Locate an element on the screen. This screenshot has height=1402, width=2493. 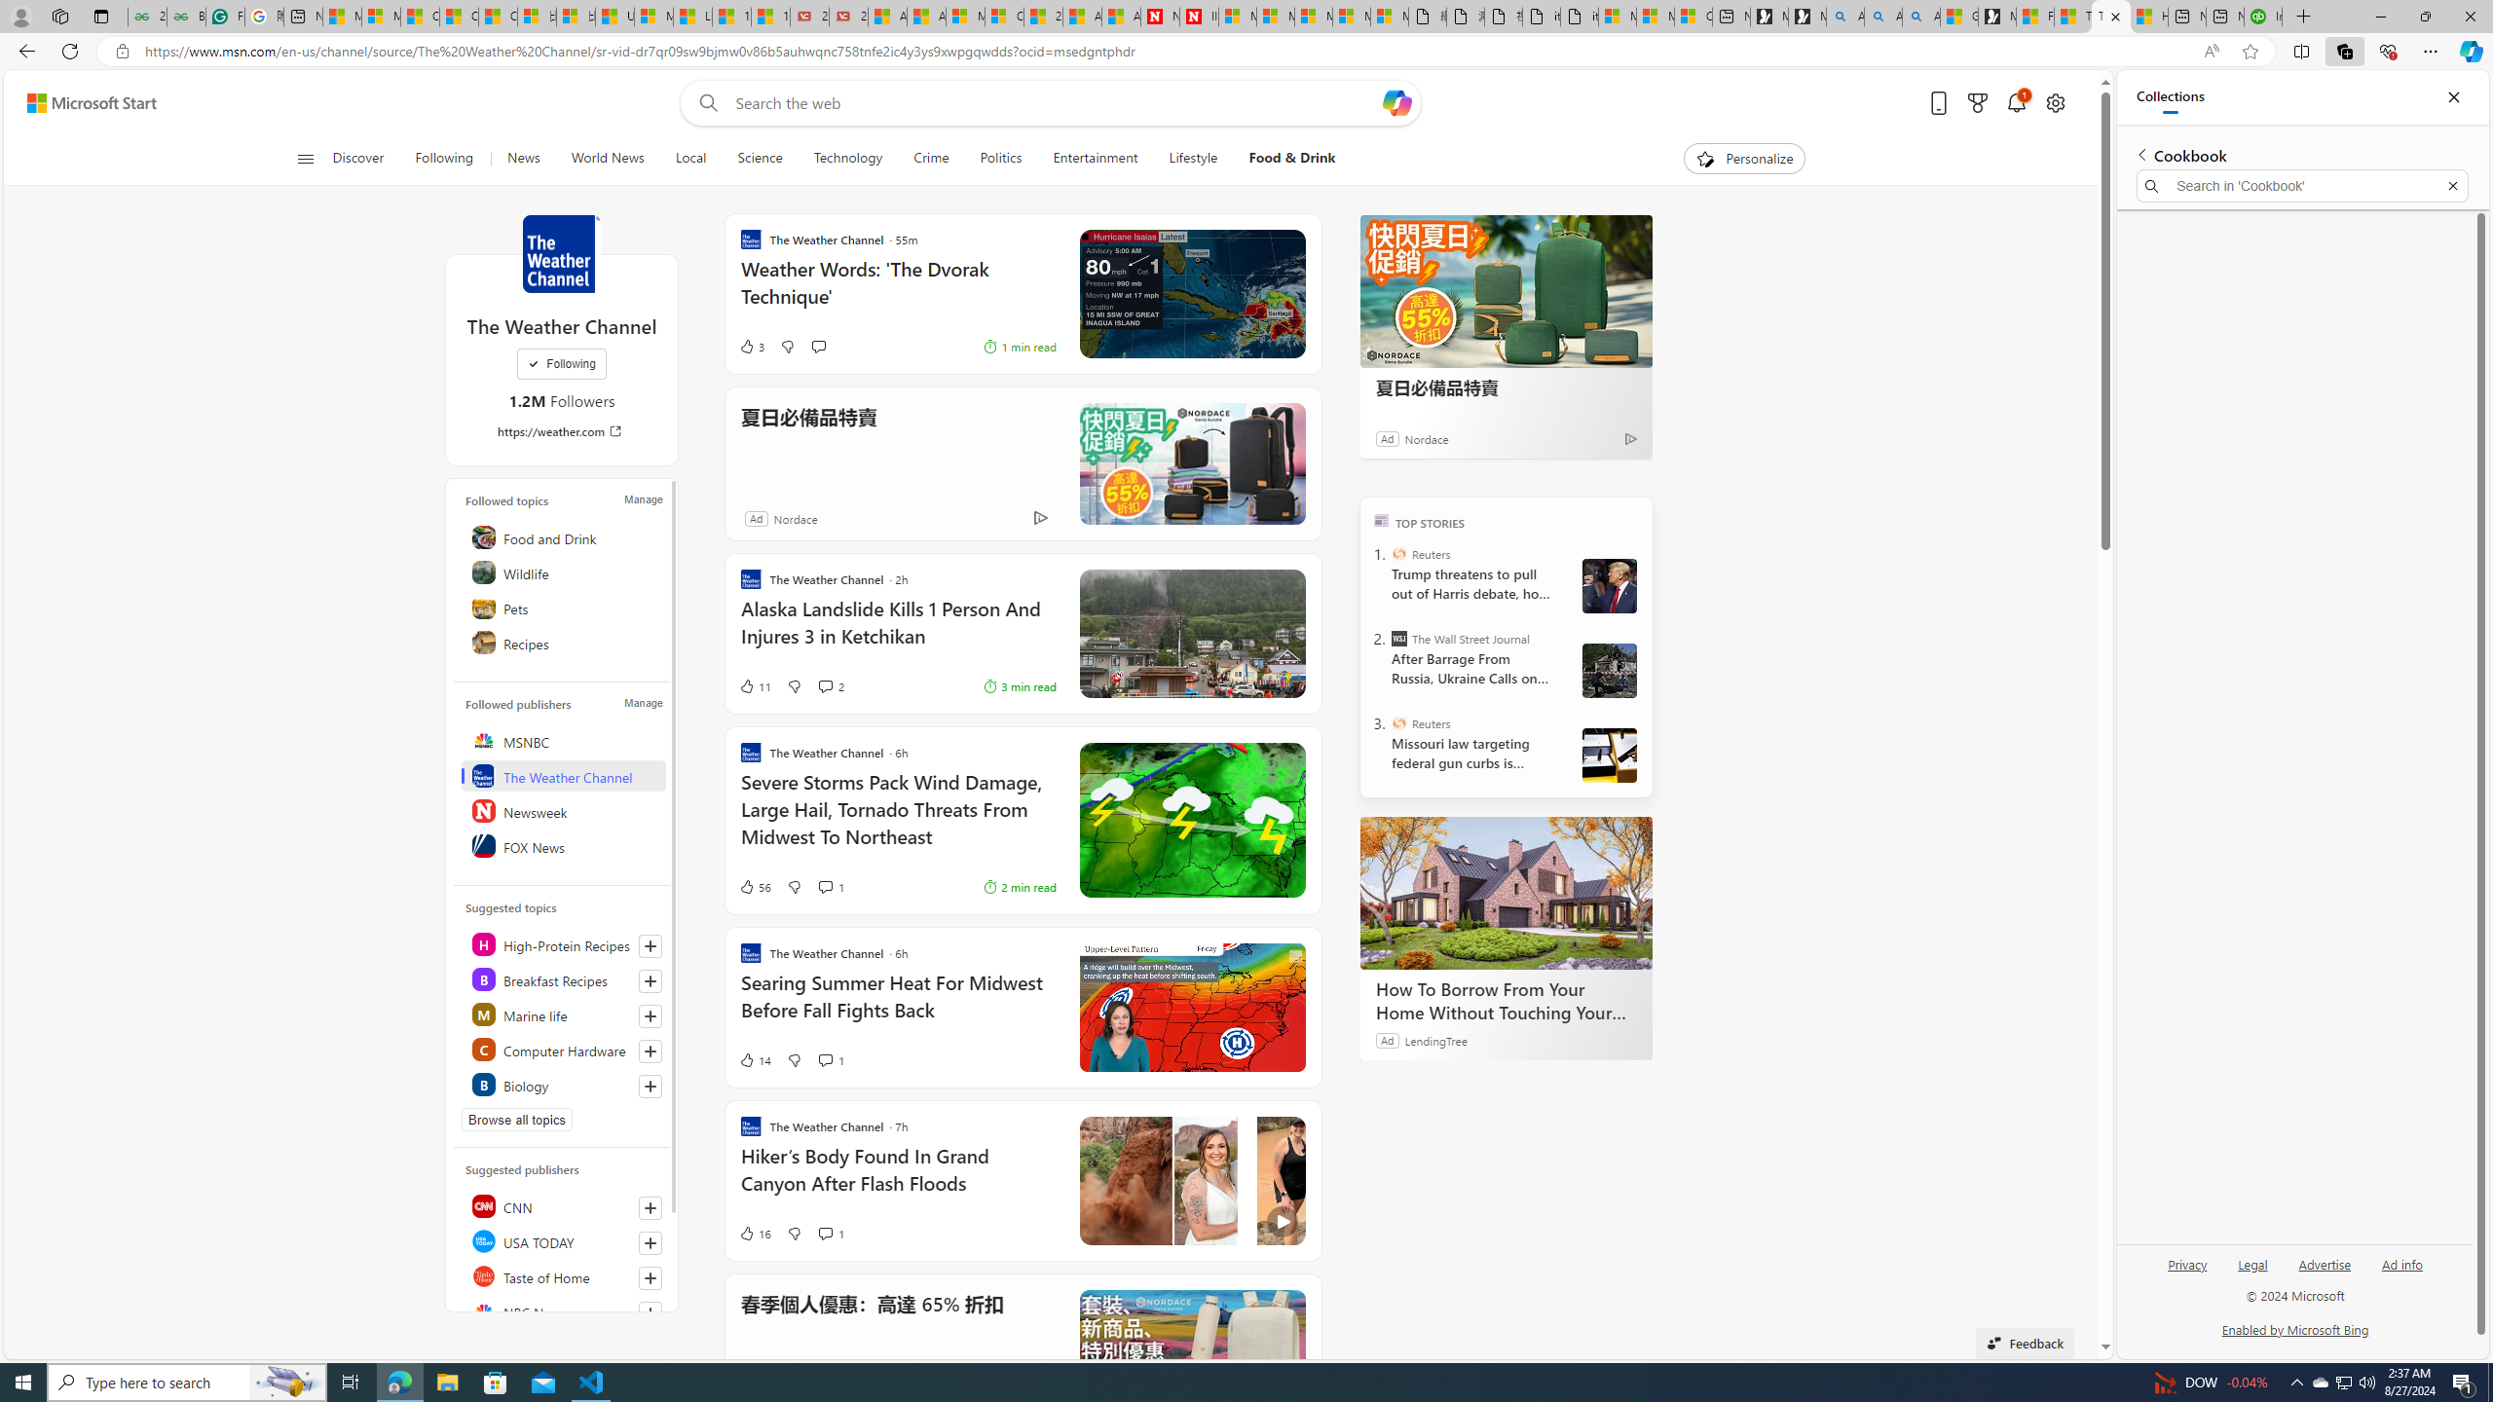
'Best SSL Certificates Provider in India - GeeksforGeeks' is located at coordinates (186, 16).